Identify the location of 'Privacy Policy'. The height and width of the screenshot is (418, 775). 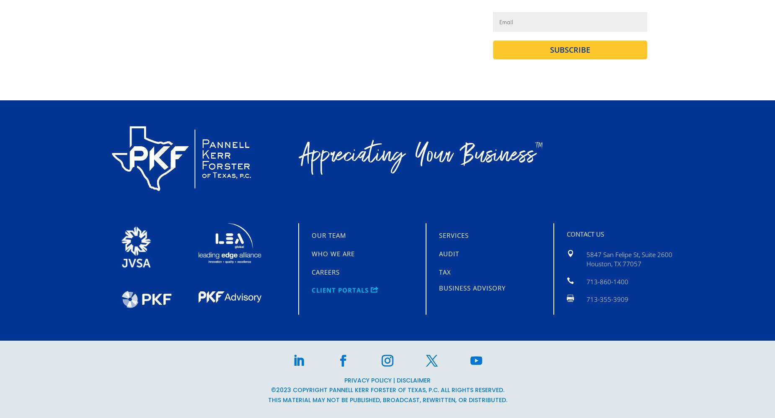
(344, 380).